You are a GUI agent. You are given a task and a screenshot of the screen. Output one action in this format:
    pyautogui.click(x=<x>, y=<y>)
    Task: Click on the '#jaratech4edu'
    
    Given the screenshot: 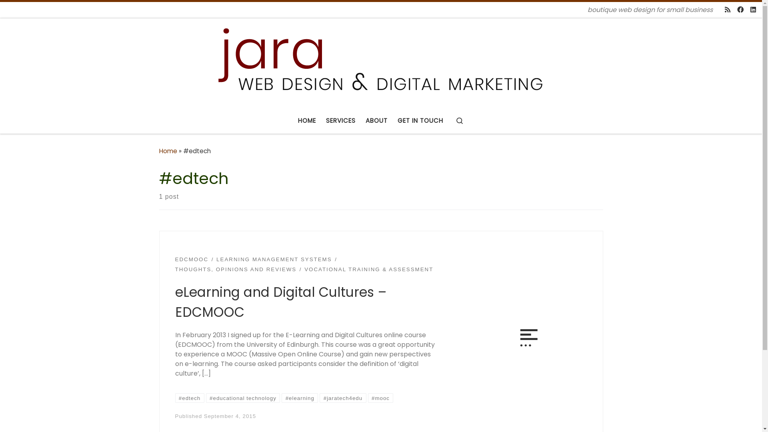 What is the action you would take?
    pyautogui.click(x=343, y=398)
    